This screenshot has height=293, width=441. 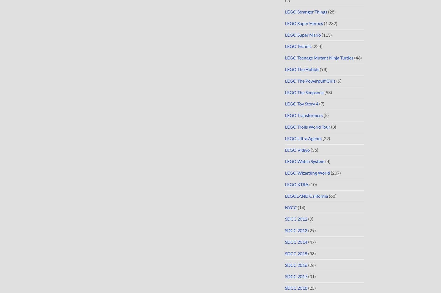 What do you see at coordinates (311, 276) in the screenshot?
I see `'(31)'` at bounding box center [311, 276].